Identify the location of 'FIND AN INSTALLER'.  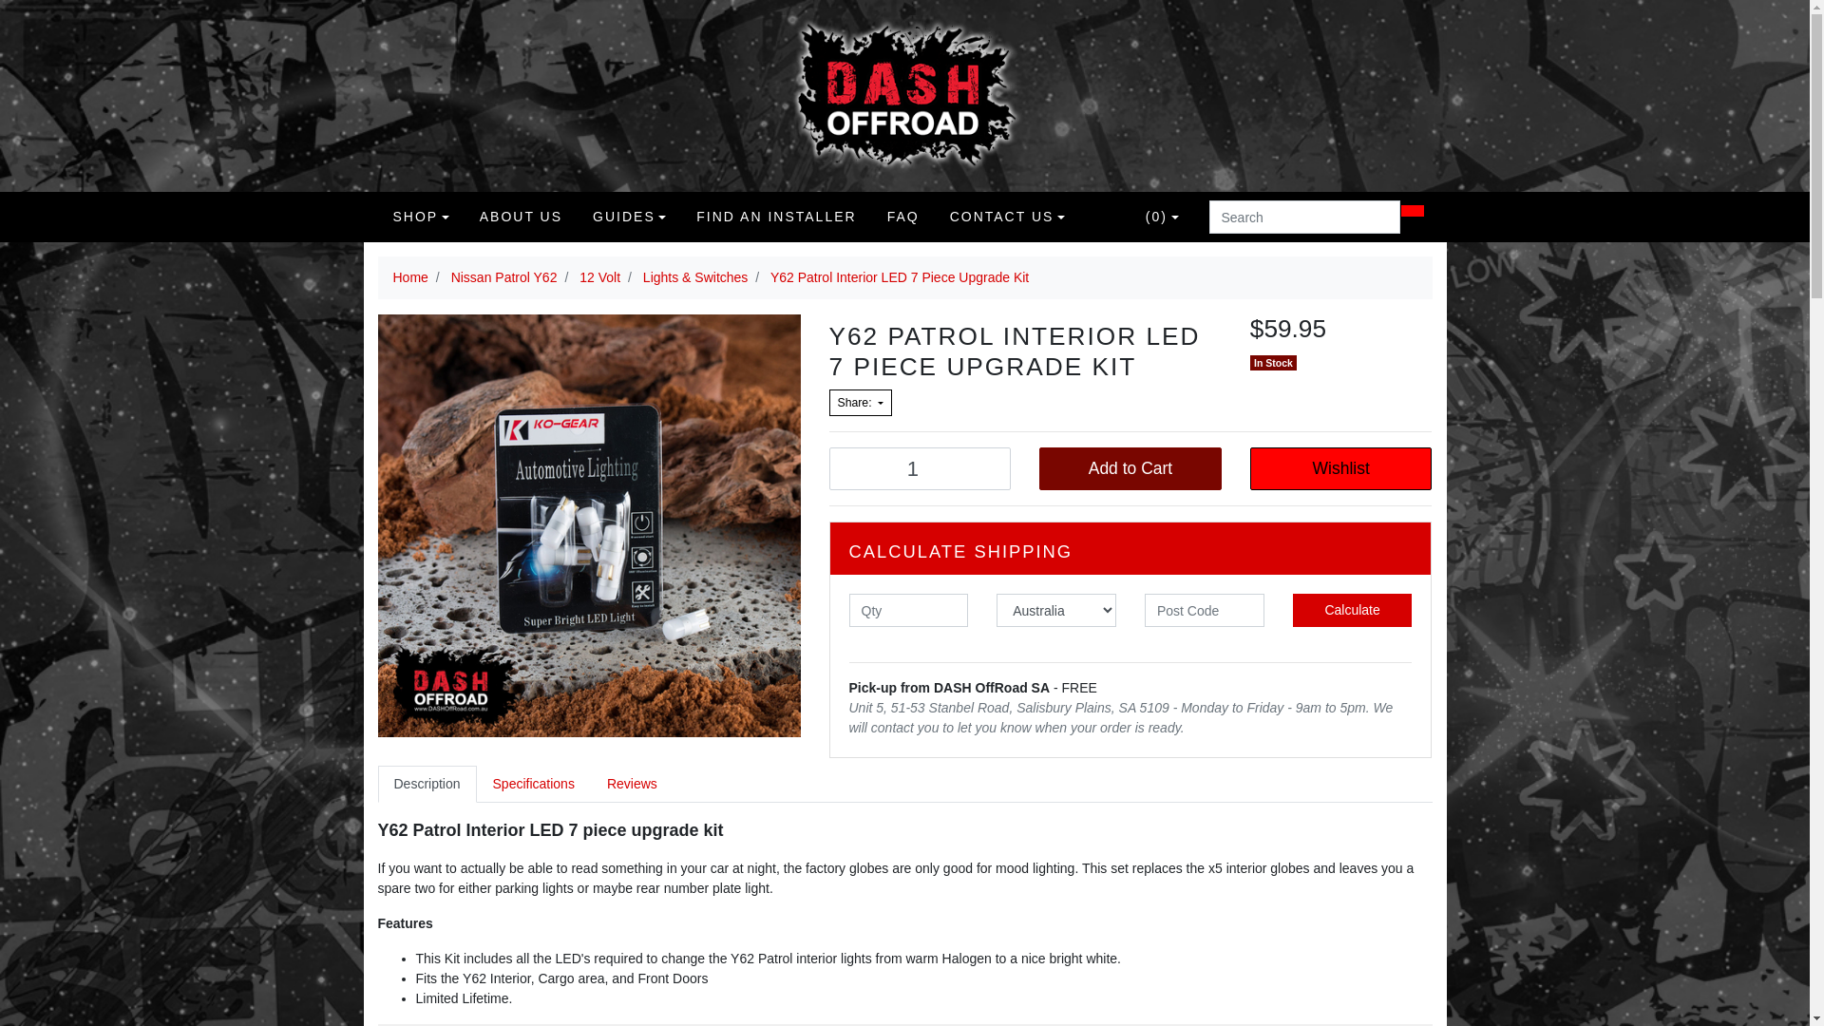
(775, 216).